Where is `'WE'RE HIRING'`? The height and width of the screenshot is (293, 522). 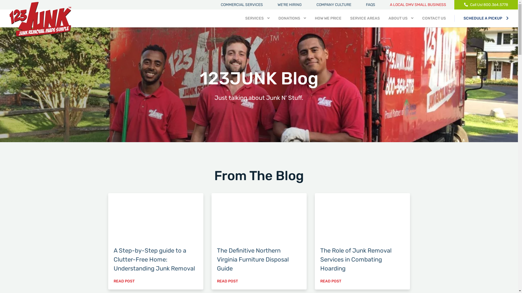
'WE'RE HIRING' is located at coordinates (289, 5).